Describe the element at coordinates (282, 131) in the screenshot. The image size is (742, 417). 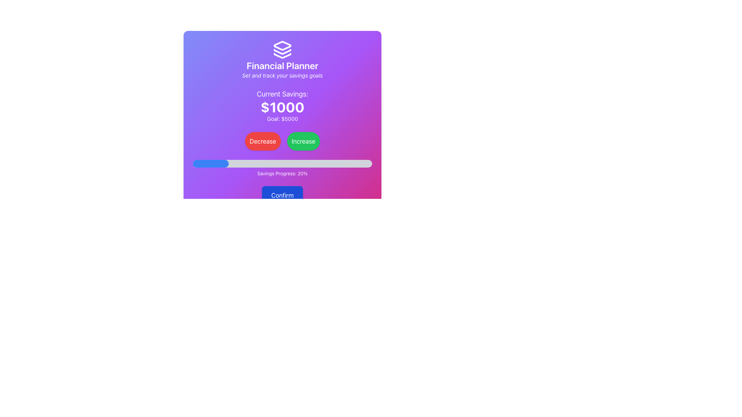
I see `the 'Decrease' button, which is styled in red and located within the 'Financial Planner' card, to reduce the savings amount` at that location.